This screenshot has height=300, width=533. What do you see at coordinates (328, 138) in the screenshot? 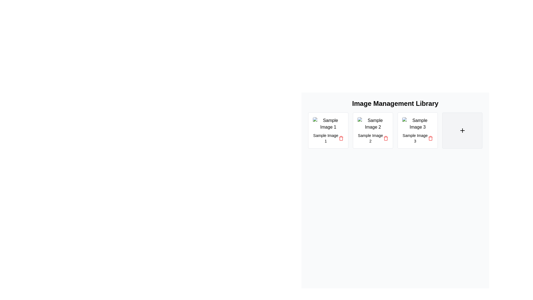
I see `text content of the label located beneath 'Sample Image 1' in the first card of the grid layout` at bounding box center [328, 138].